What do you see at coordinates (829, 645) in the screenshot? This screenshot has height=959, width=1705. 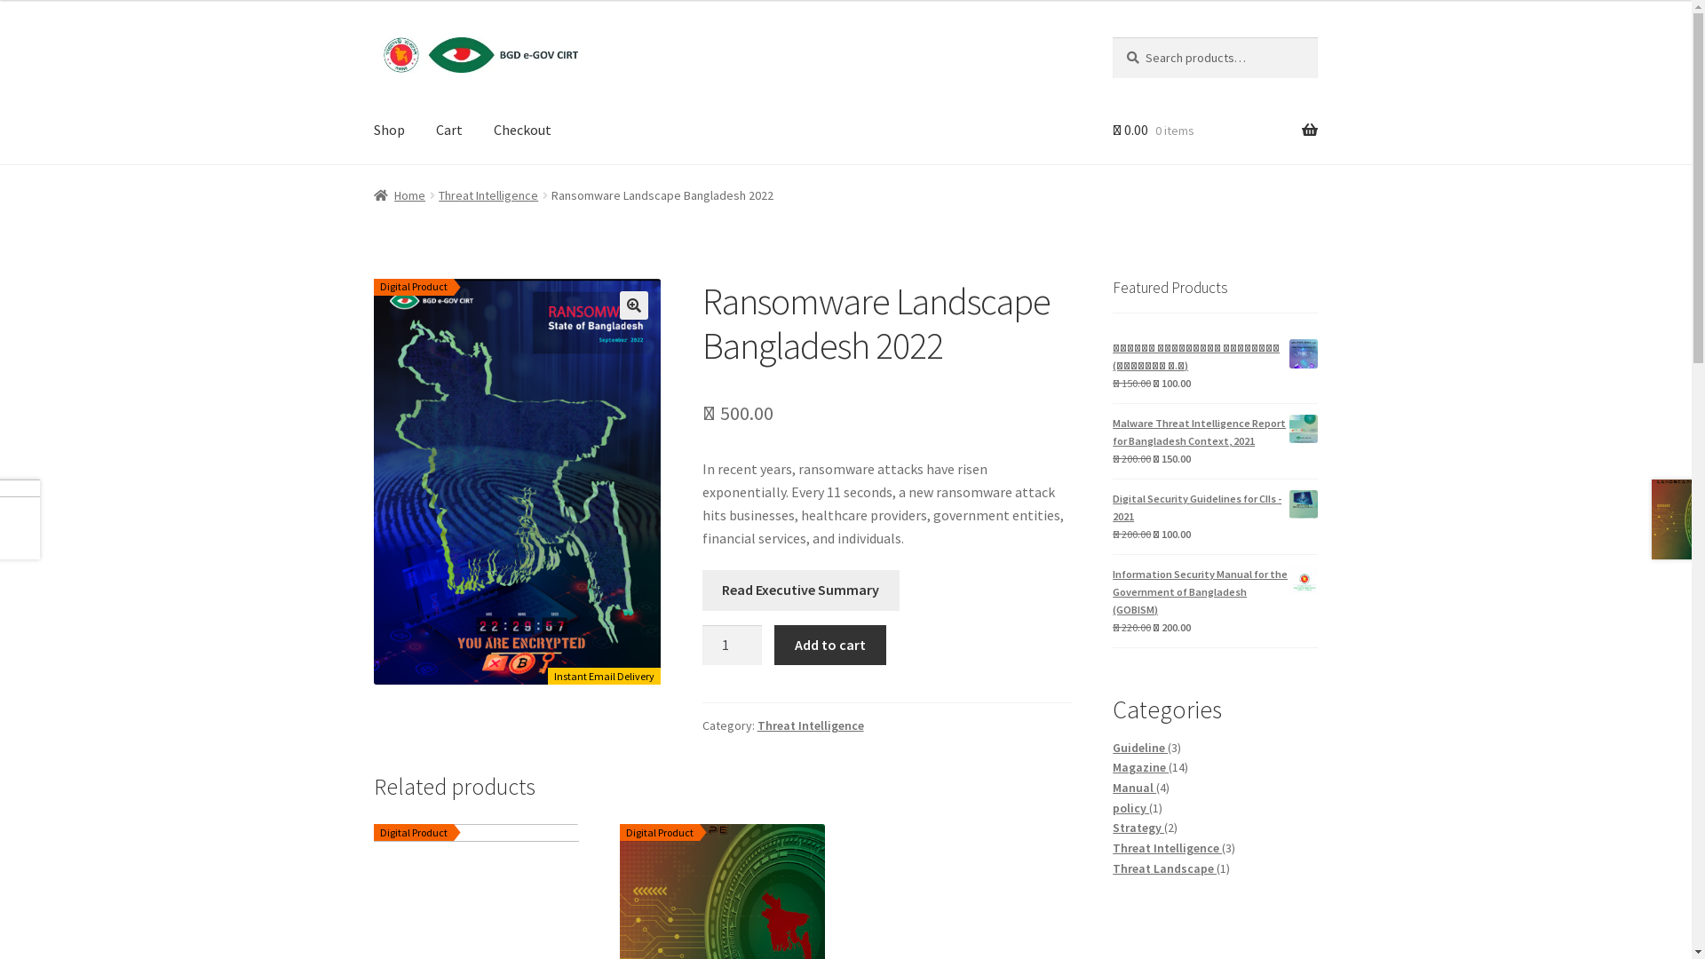 I see `'Add to cart'` at bounding box center [829, 645].